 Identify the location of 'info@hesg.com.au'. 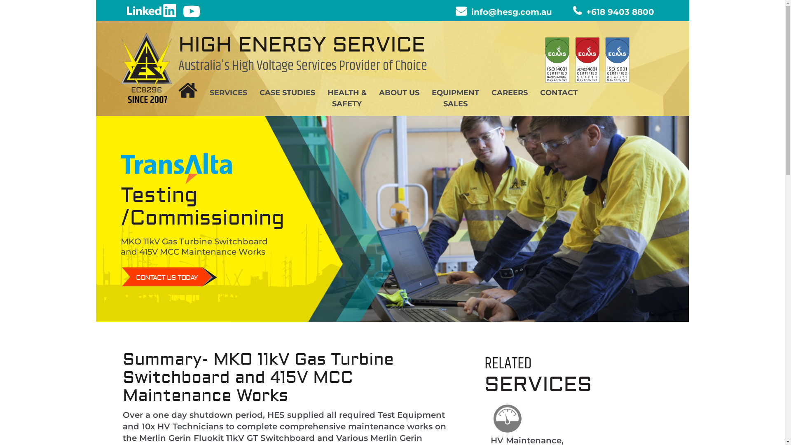
(503, 12).